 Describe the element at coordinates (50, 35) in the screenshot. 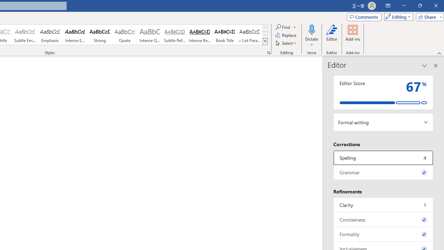

I see `'Emphasis'` at that location.